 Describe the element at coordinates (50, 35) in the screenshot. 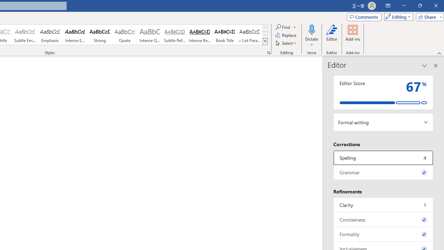

I see `'Emphasis'` at that location.